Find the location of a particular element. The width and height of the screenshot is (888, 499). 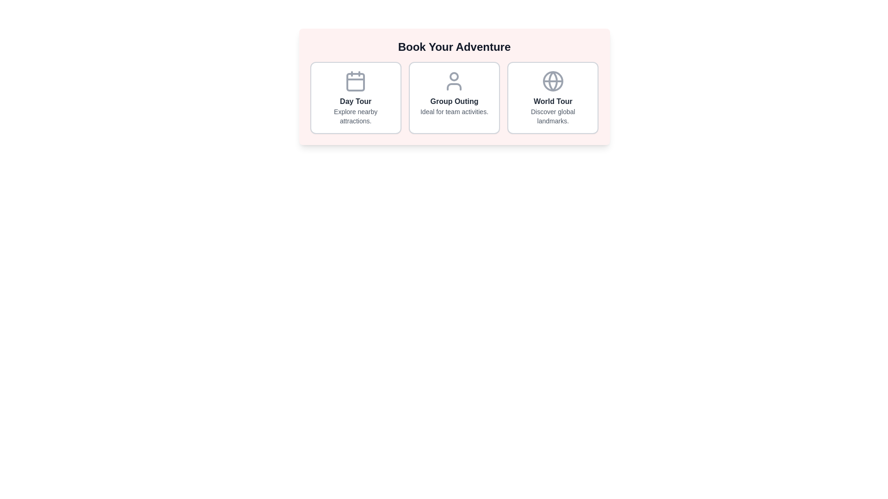

the first card element in the grid layout below the title 'Book Your Adventure' to trigger a visual effect is located at coordinates (355, 98).